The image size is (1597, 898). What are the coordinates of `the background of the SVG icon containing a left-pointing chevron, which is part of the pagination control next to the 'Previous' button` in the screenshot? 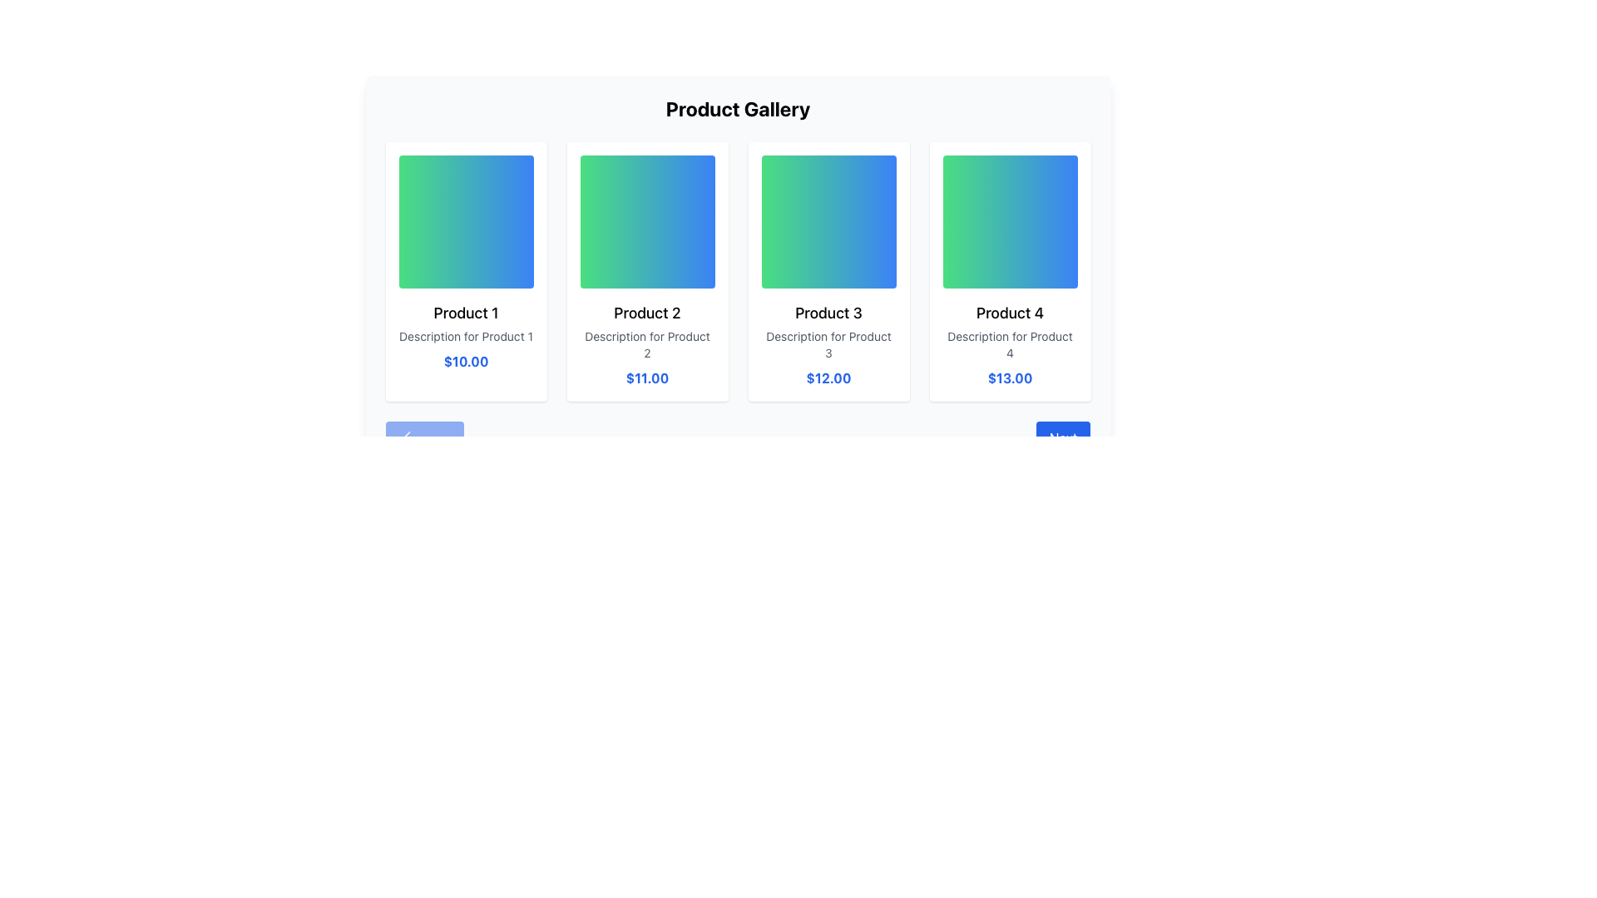 It's located at (407, 435).